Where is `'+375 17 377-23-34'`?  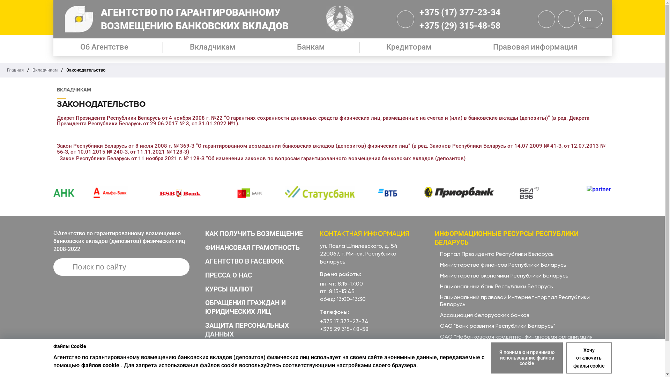
'+375 17 377-23-34' is located at coordinates (344, 321).